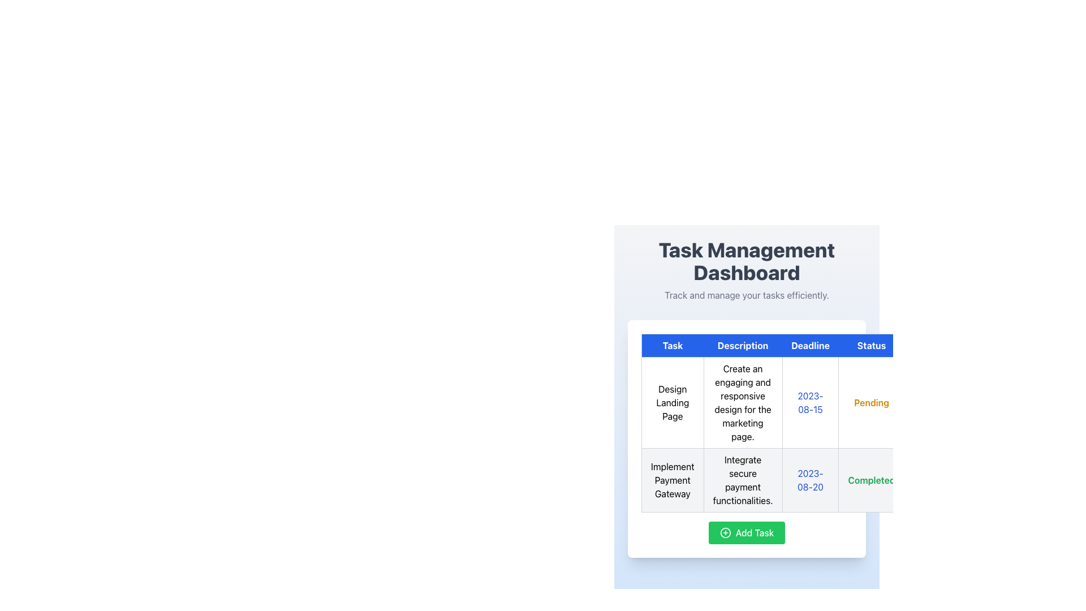 The image size is (1086, 611). What do you see at coordinates (725, 532) in the screenshot?
I see `the 'Add Task' button icon, which is a green plus symbol within a circular outline, to observe any hover effects` at bounding box center [725, 532].